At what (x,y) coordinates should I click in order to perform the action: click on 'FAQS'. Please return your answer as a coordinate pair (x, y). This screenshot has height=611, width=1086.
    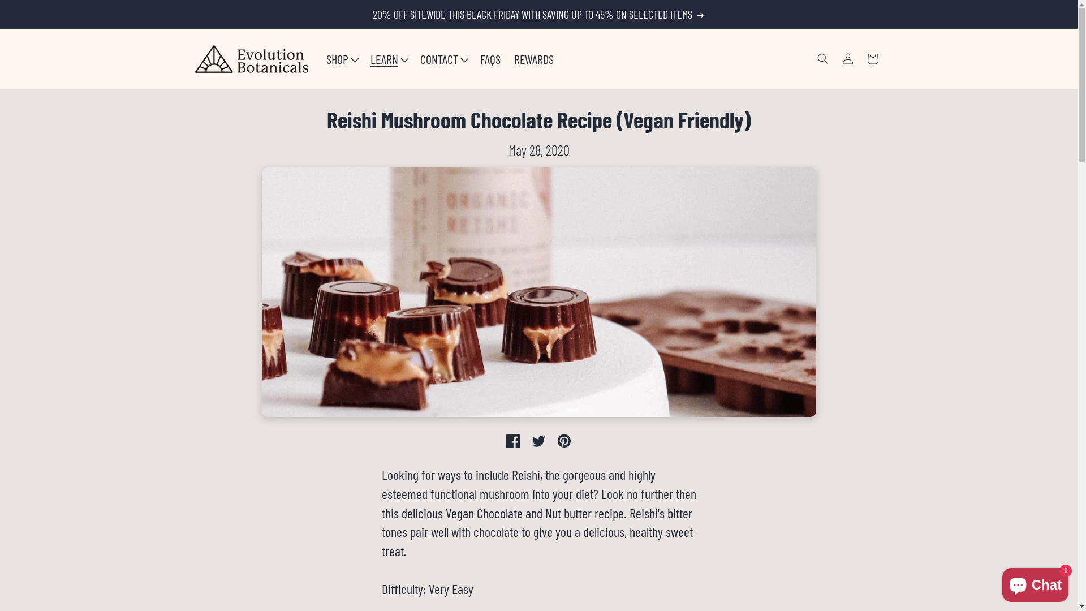
    Looking at the image, I should click on (490, 59).